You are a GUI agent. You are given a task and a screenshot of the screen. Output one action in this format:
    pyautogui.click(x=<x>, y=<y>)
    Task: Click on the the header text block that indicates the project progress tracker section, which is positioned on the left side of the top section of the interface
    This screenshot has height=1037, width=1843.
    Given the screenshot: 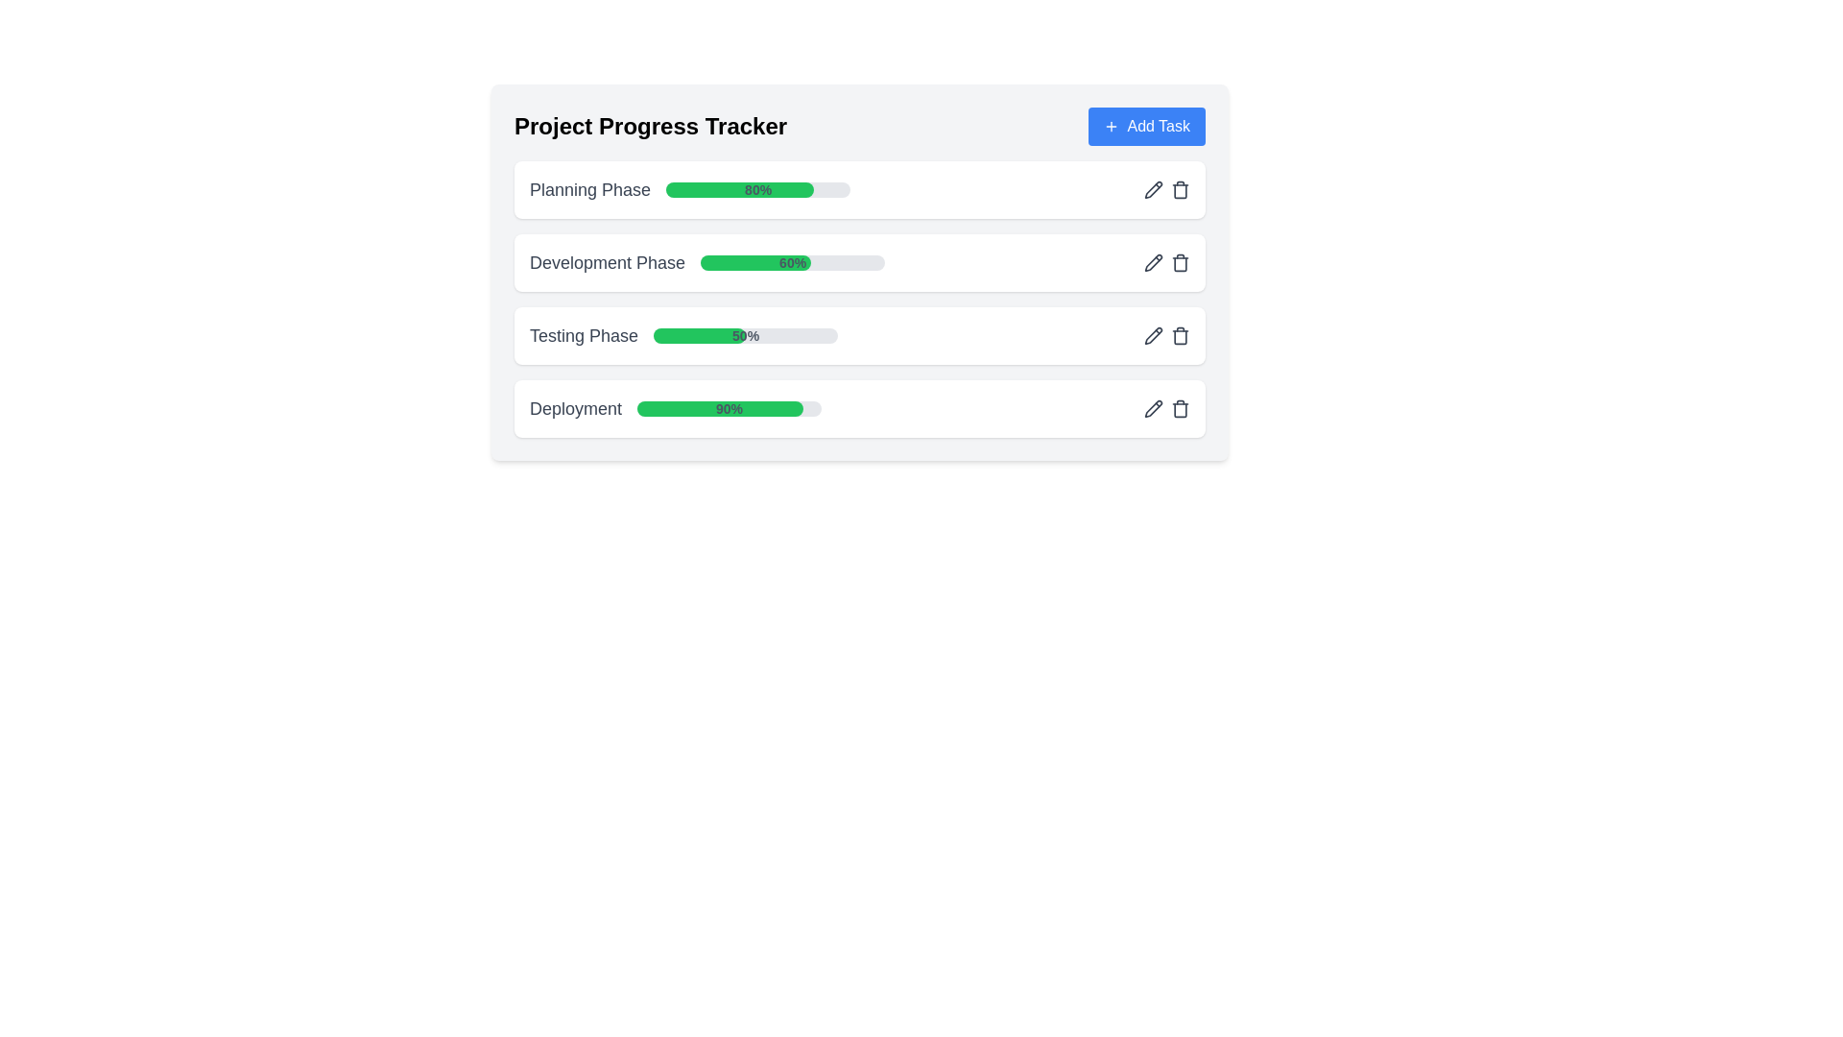 What is the action you would take?
    pyautogui.click(x=651, y=126)
    